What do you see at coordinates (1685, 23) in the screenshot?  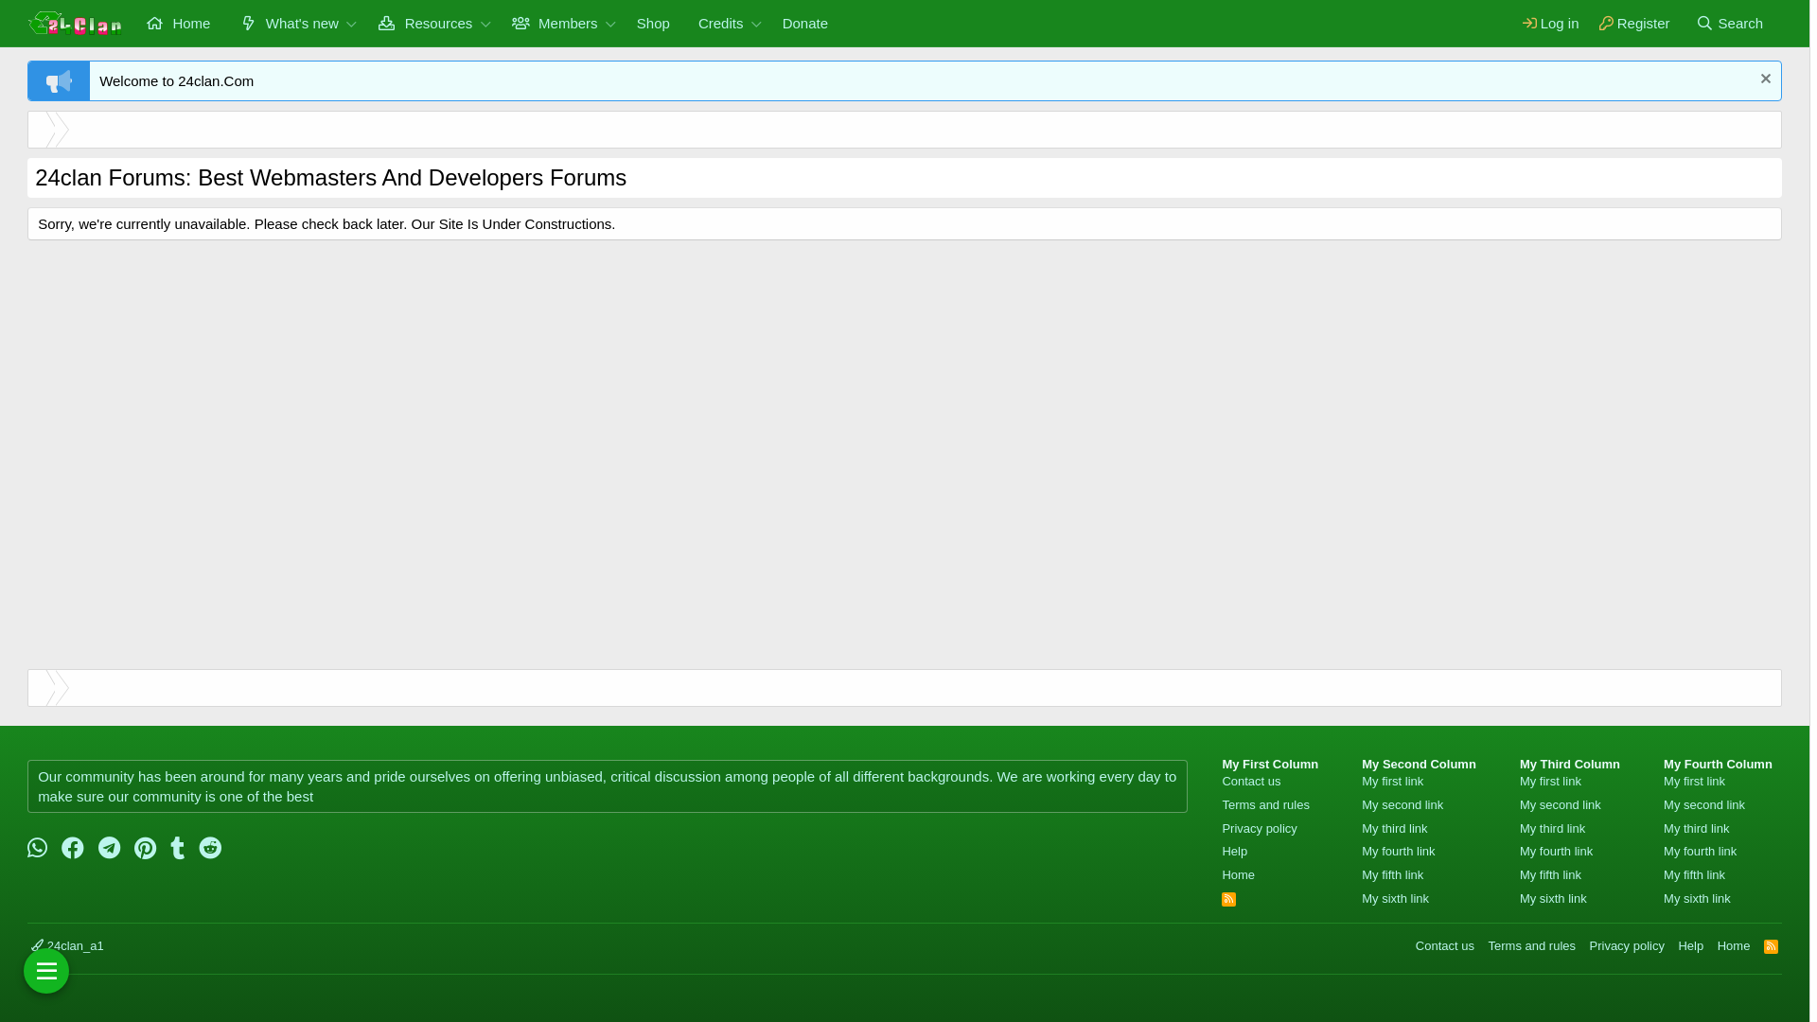 I see `'Search'` at bounding box center [1685, 23].